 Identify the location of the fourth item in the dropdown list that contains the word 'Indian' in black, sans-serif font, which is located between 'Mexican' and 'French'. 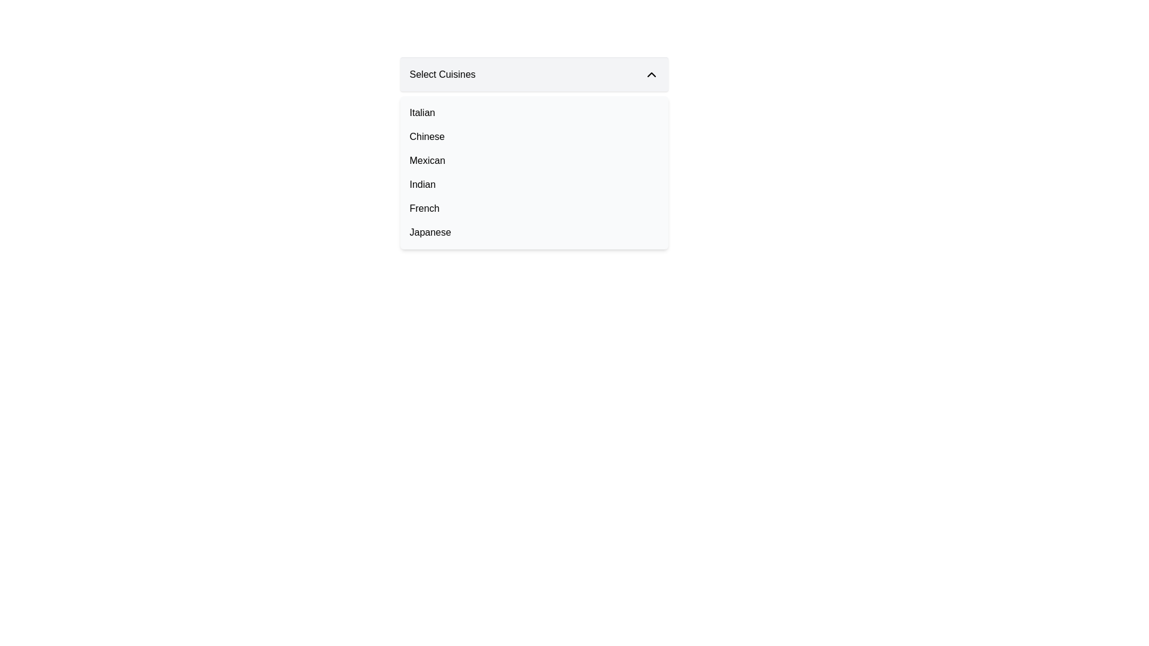
(533, 184).